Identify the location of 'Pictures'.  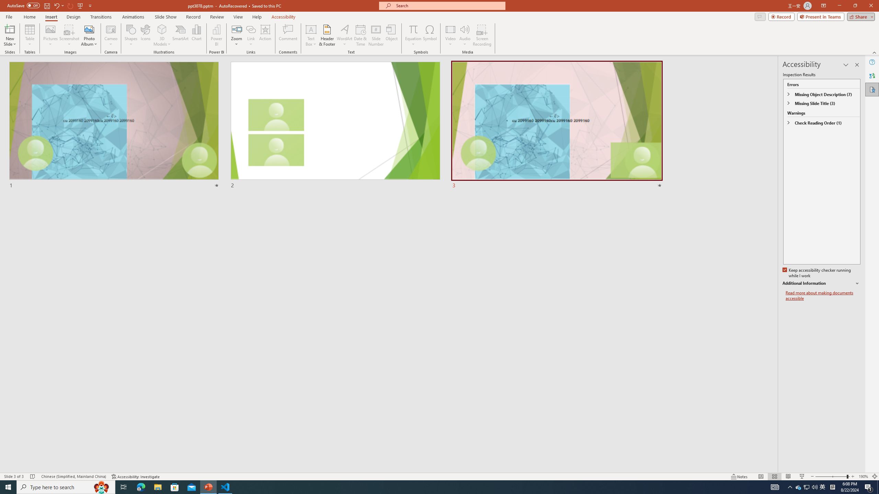
(50, 35).